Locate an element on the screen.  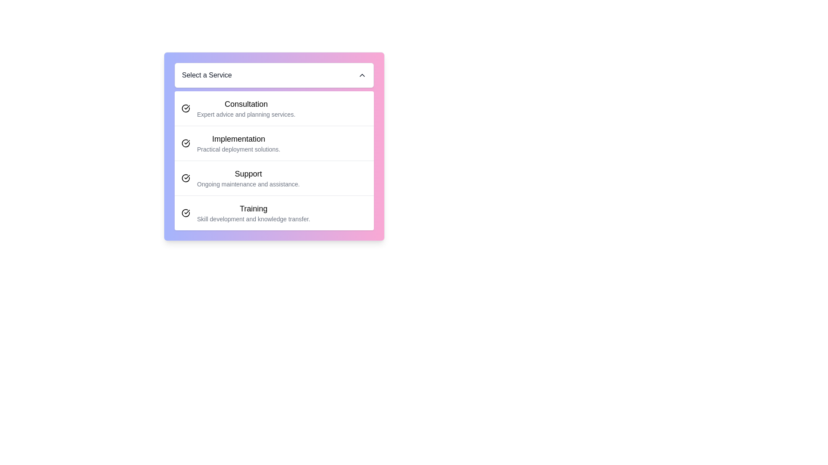
the 'Support' option in the selection menu, which is the third item in a vertical list of options, positioned between 'Implementation' and 'Training' is located at coordinates (248, 177).